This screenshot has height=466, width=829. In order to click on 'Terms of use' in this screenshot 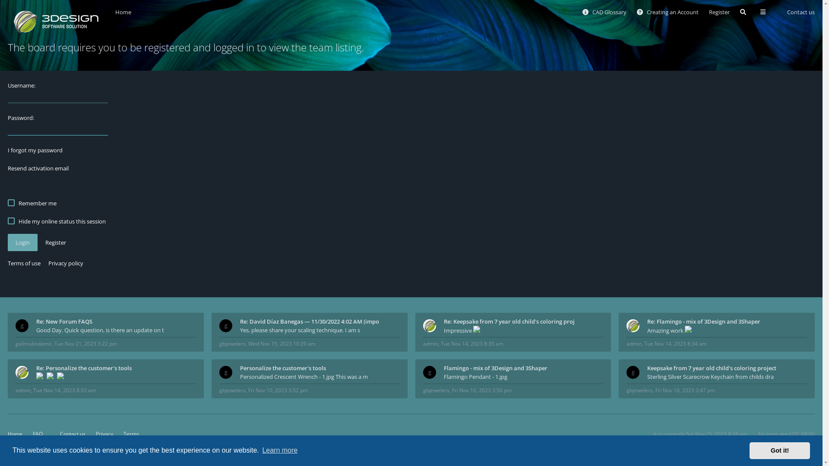, I will do `click(8, 262)`.